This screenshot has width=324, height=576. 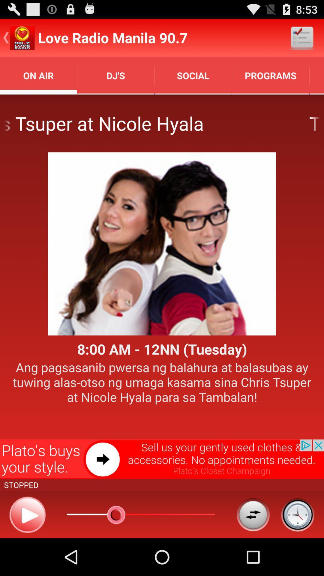 What do you see at coordinates (253, 514) in the screenshot?
I see `fast forward/rewind` at bounding box center [253, 514].